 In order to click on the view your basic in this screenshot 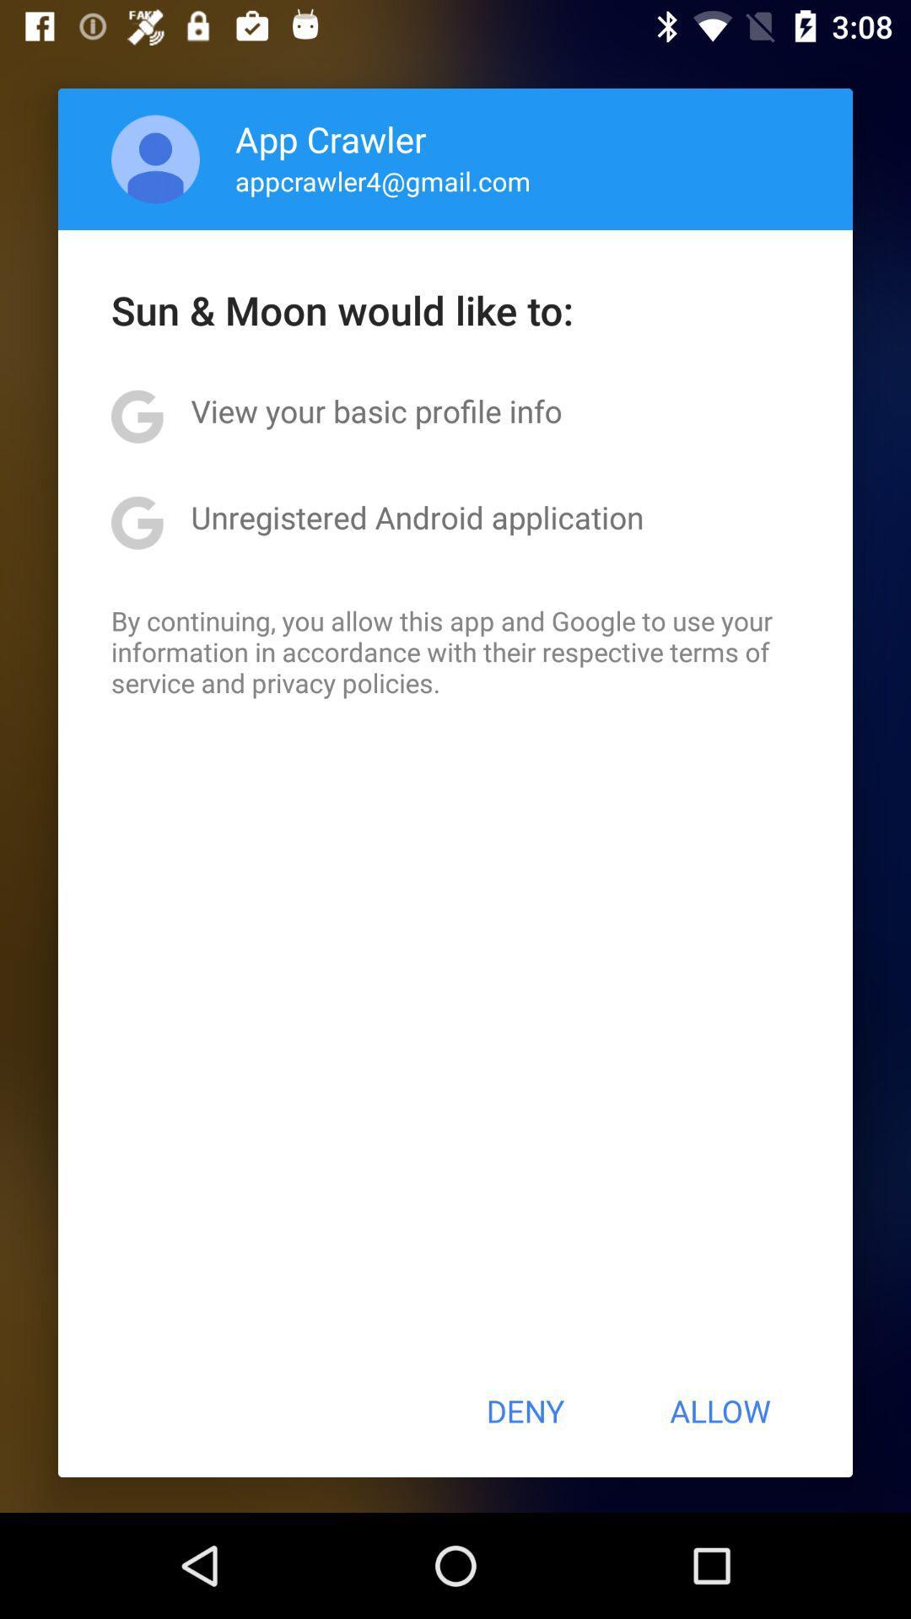, I will do `click(375, 411)`.